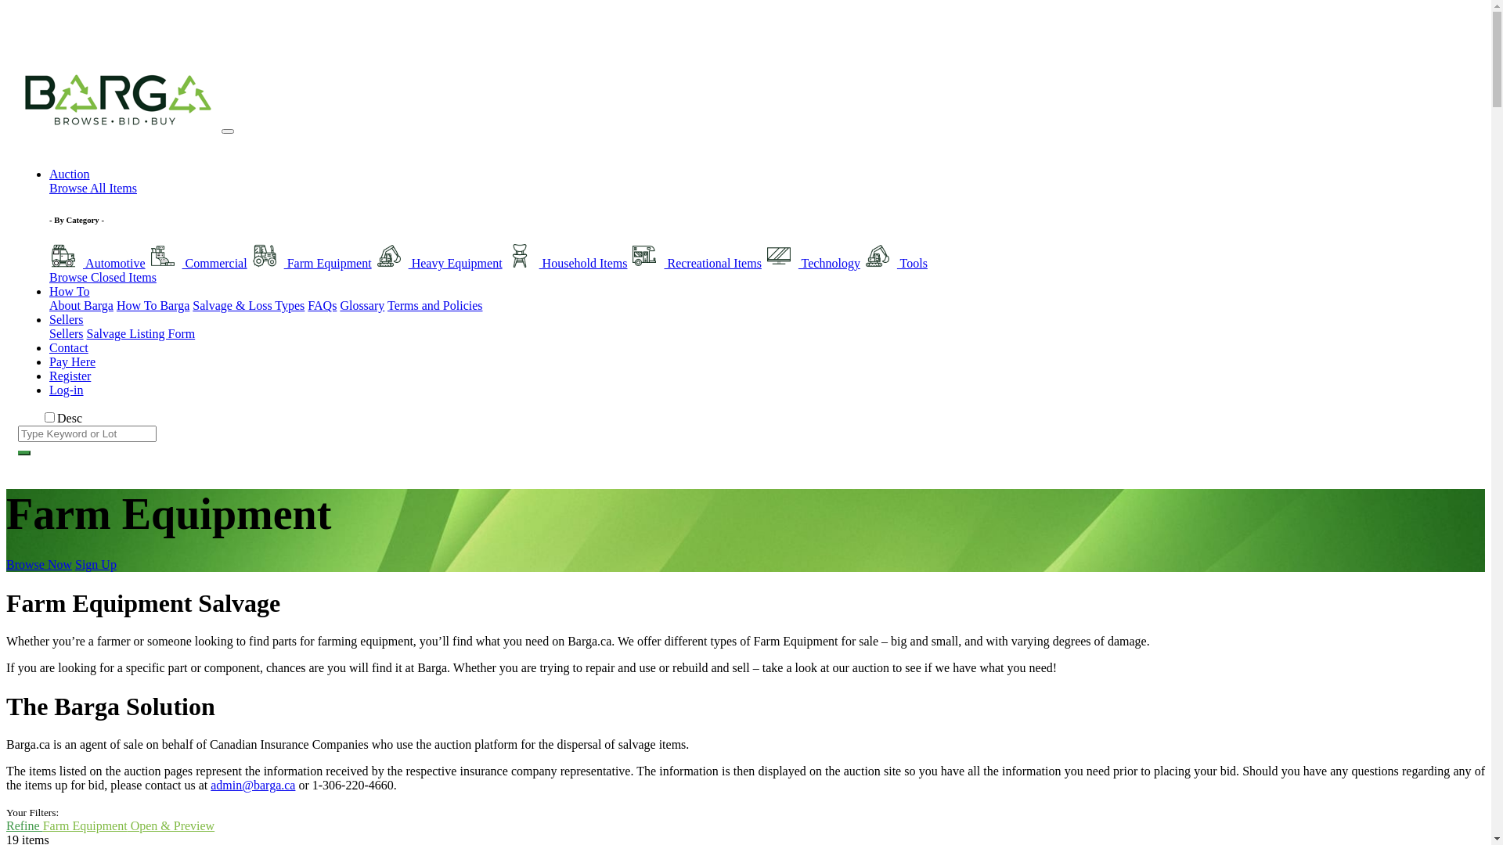 The height and width of the screenshot is (845, 1503). What do you see at coordinates (353, 785) in the screenshot?
I see `'1-306-220-4660.'` at bounding box center [353, 785].